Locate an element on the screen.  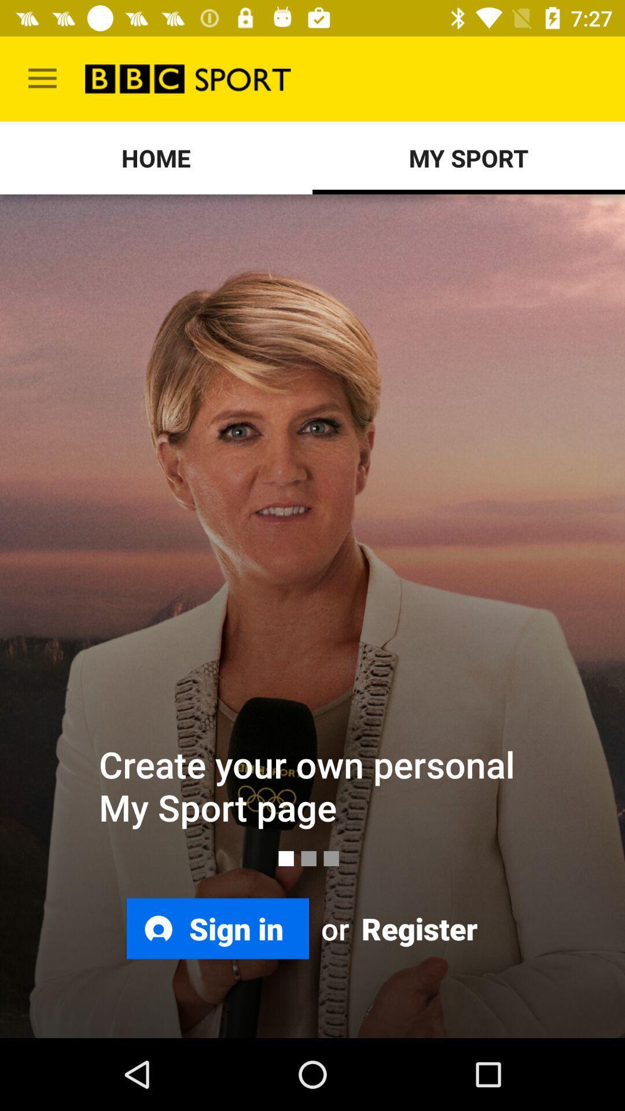
item to the right of the or icon is located at coordinates (417, 928).